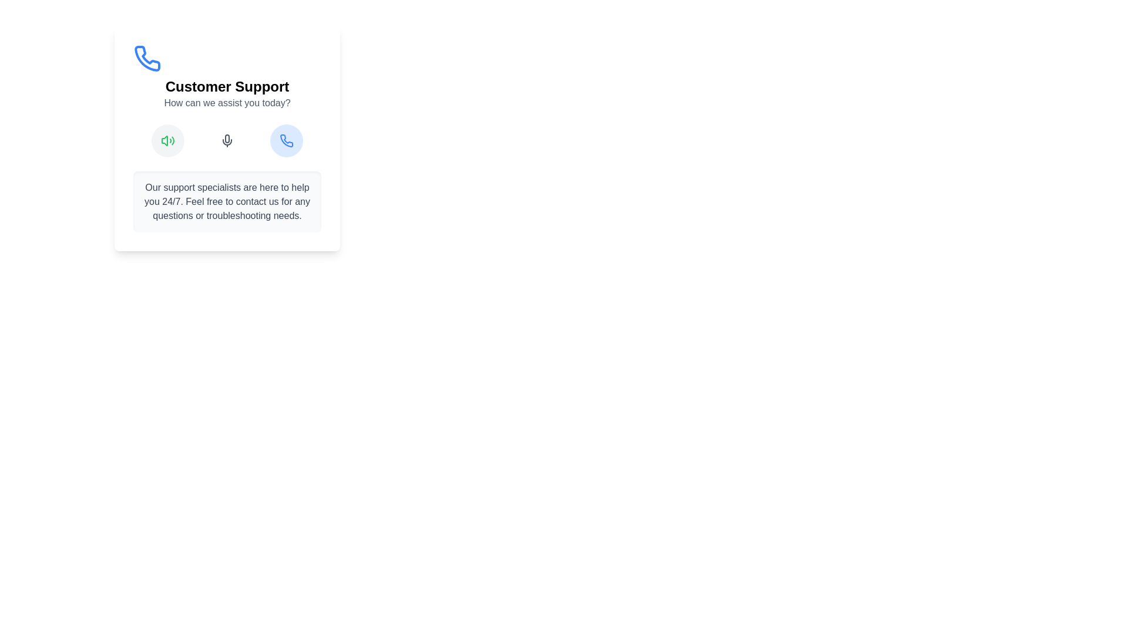 The image size is (1128, 634). What do you see at coordinates (287, 140) in the screenshot?
I see `the third button on the right side of the horizontal layout within the 'Customer Support' card` at bounding box center [287, 140].